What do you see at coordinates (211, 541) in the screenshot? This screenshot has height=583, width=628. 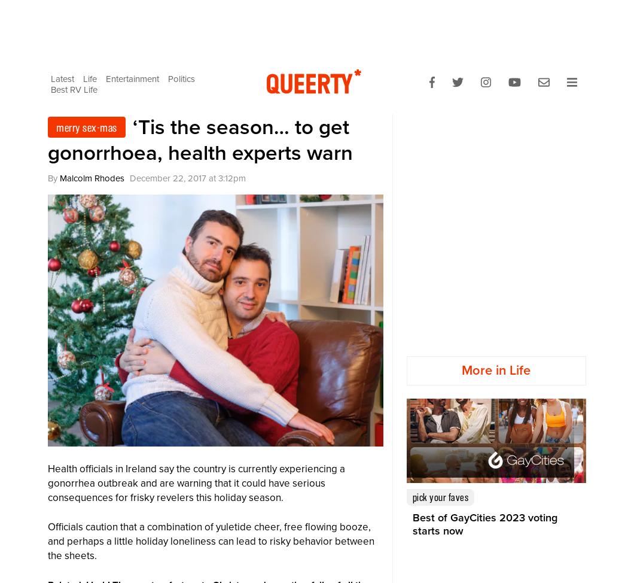 I see `'Officials caution that a combination of yuletide cheer, free flowing booze, and perhaps a little holiday loneliness can lead to risky behavior between the sheets.'` at bounding box center [211, 541].